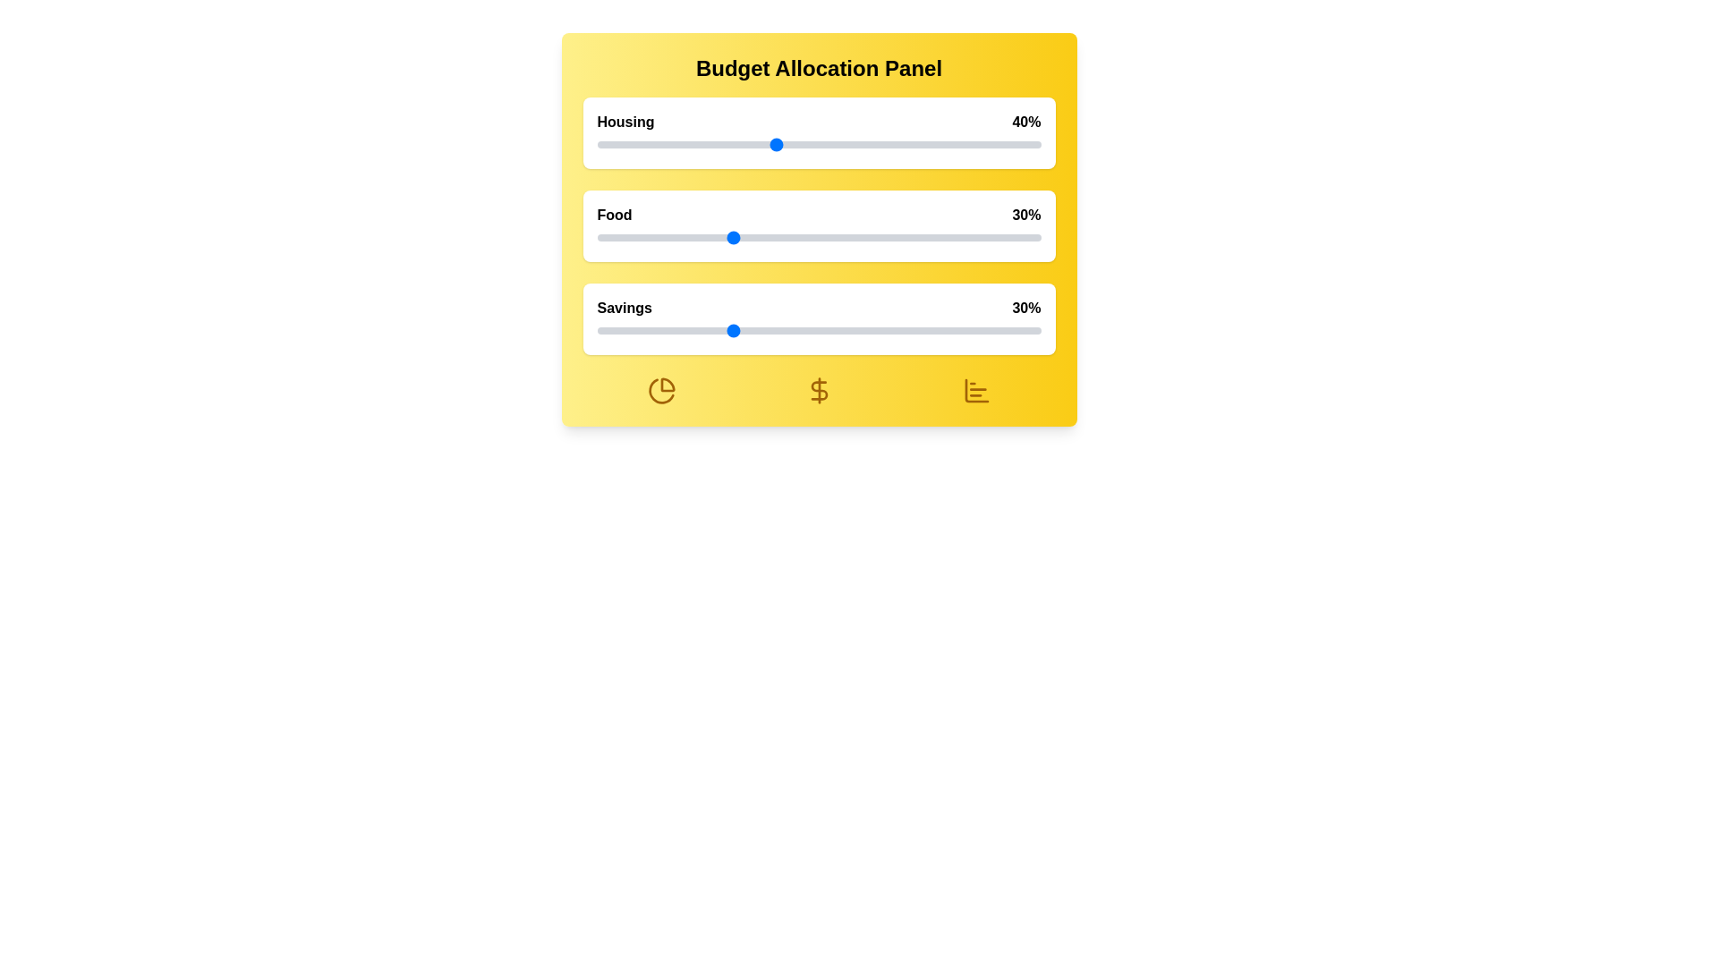 The width and height of the screenshot is (1718, 966). What do you see at coordinates (975, 389) in the screenshot?
I see `the bar chart icon located in the bottom-right corner of the yellow panel` at bounding box center [975, 389].